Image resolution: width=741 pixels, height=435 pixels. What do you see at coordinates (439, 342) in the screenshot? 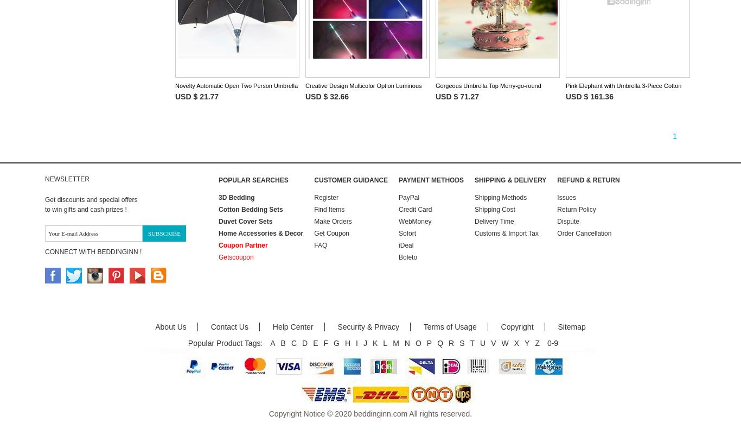
I see `'Q'` at bounding box center [439, 342].